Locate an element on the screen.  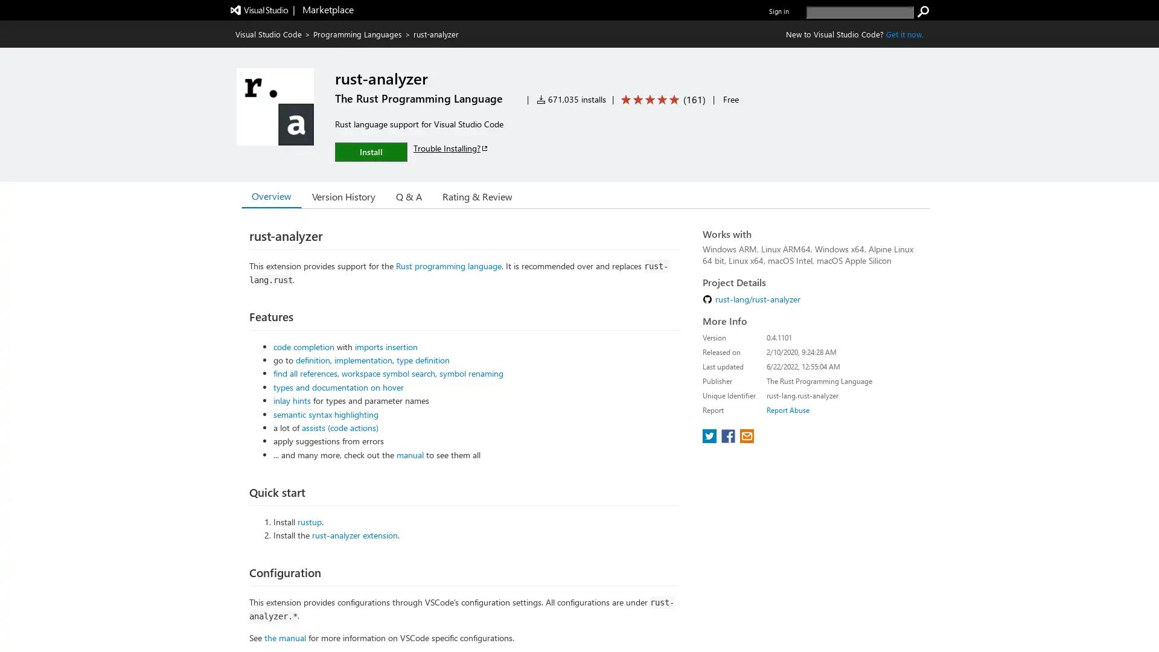
Version History is located at coordinates (343, 195).